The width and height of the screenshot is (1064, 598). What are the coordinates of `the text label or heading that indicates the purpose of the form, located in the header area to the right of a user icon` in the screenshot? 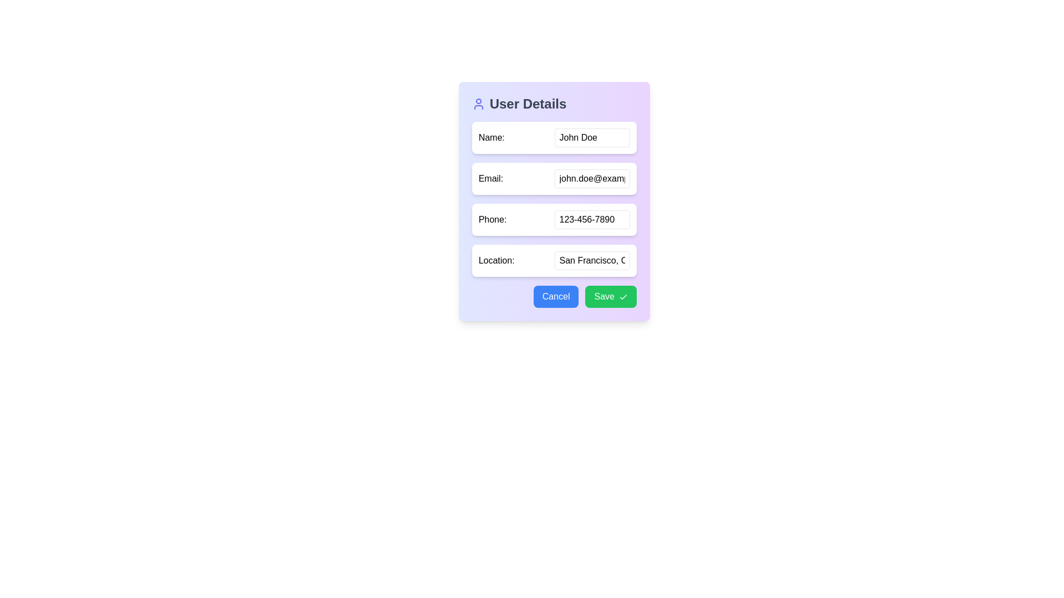 It's located at (528, 104).